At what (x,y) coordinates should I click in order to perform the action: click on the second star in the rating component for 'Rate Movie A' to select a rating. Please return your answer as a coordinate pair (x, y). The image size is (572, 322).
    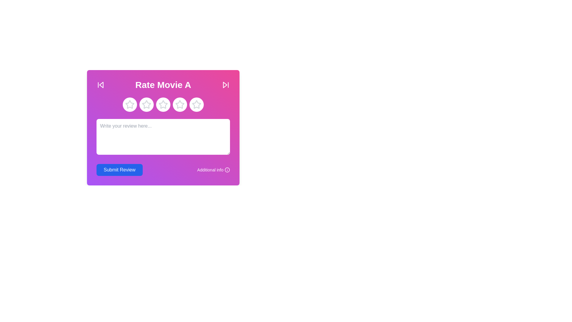
    Looking at the image, I should click on (146, 104).